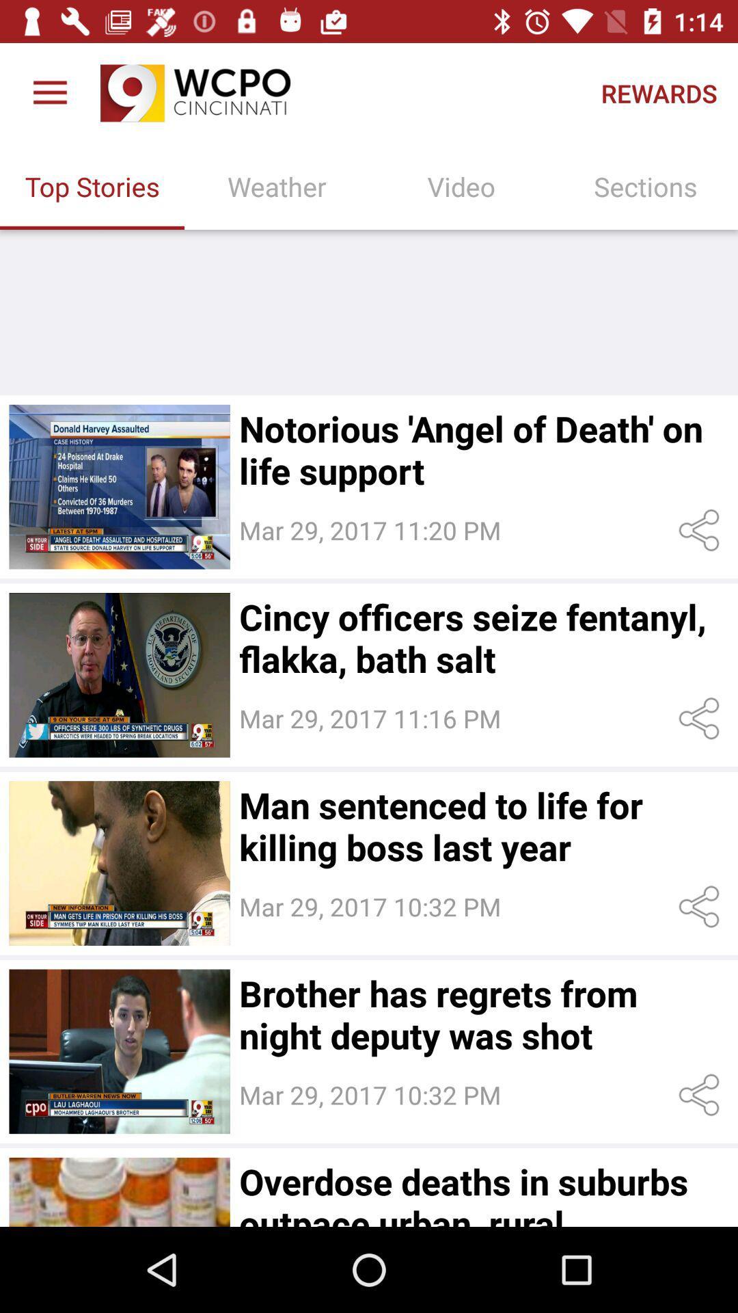  What do you see at coordinates (119, 862) in the screenshot?
I see `see article` at bounding box center [119, 862].